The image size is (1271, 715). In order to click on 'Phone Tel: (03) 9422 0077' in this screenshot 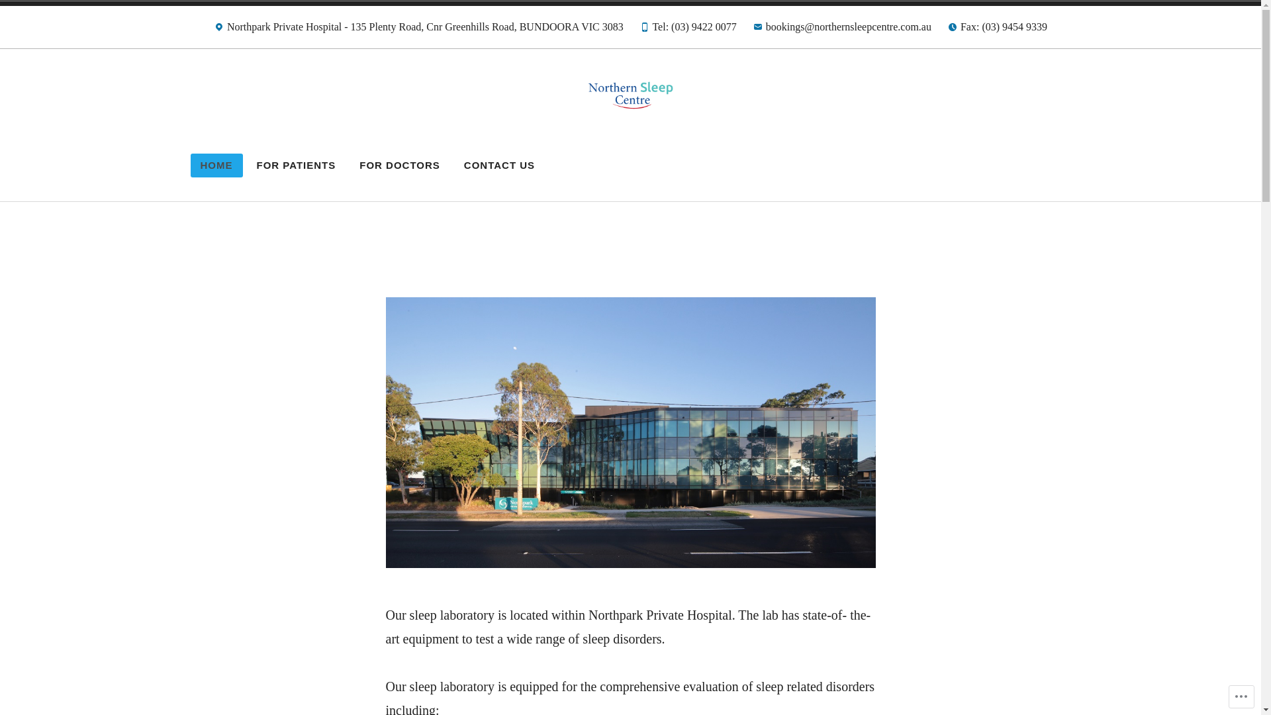, I will do `click(688, 30)`.